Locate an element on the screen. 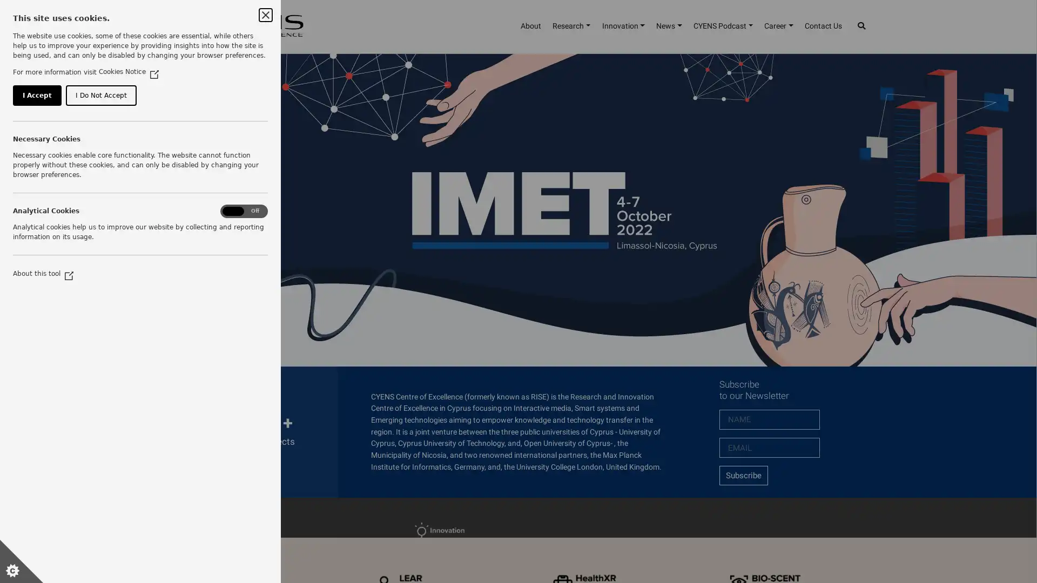  Close Cookie Control is located at coordinates (265, 15).